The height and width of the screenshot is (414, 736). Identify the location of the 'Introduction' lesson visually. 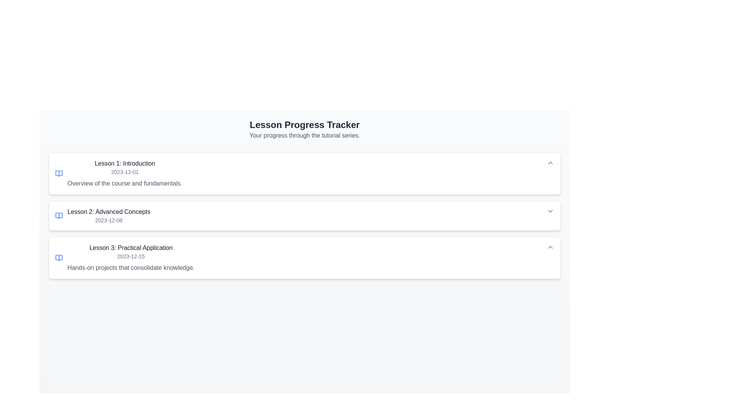
(58, 173).